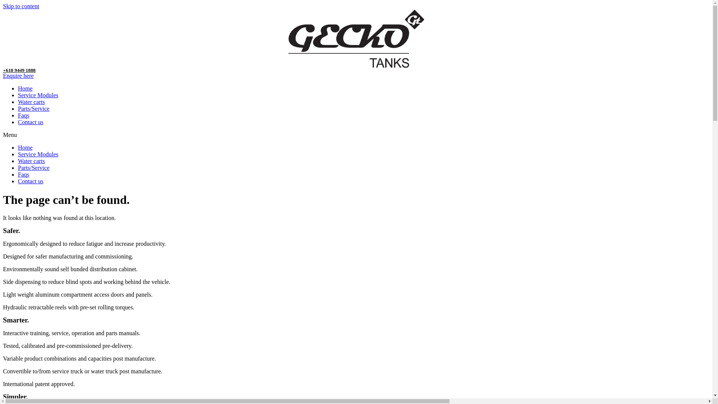  I want to click on 'Faqs', so click(23, 115).